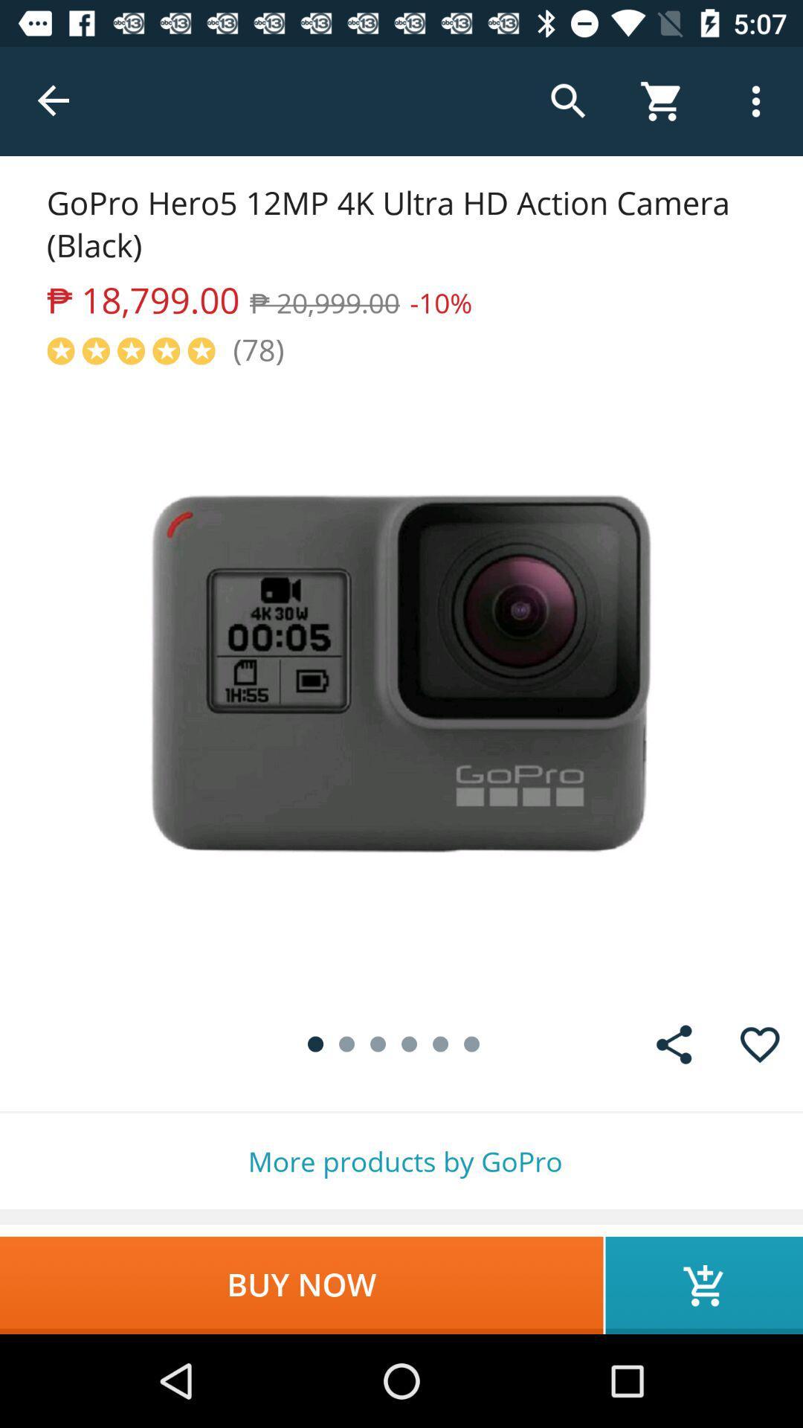  I want to click on shows share button, so click(674, 1043).